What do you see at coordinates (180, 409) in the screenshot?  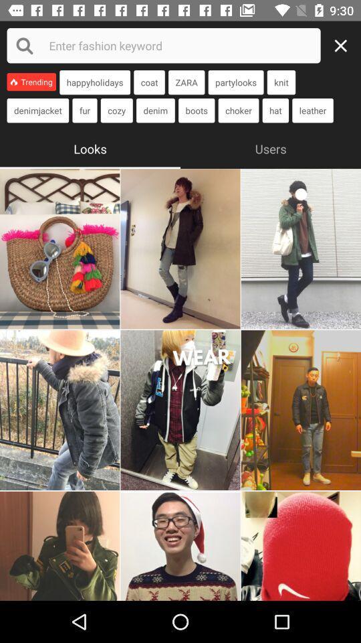 I see `share the article` at bounding box center [180, 409].